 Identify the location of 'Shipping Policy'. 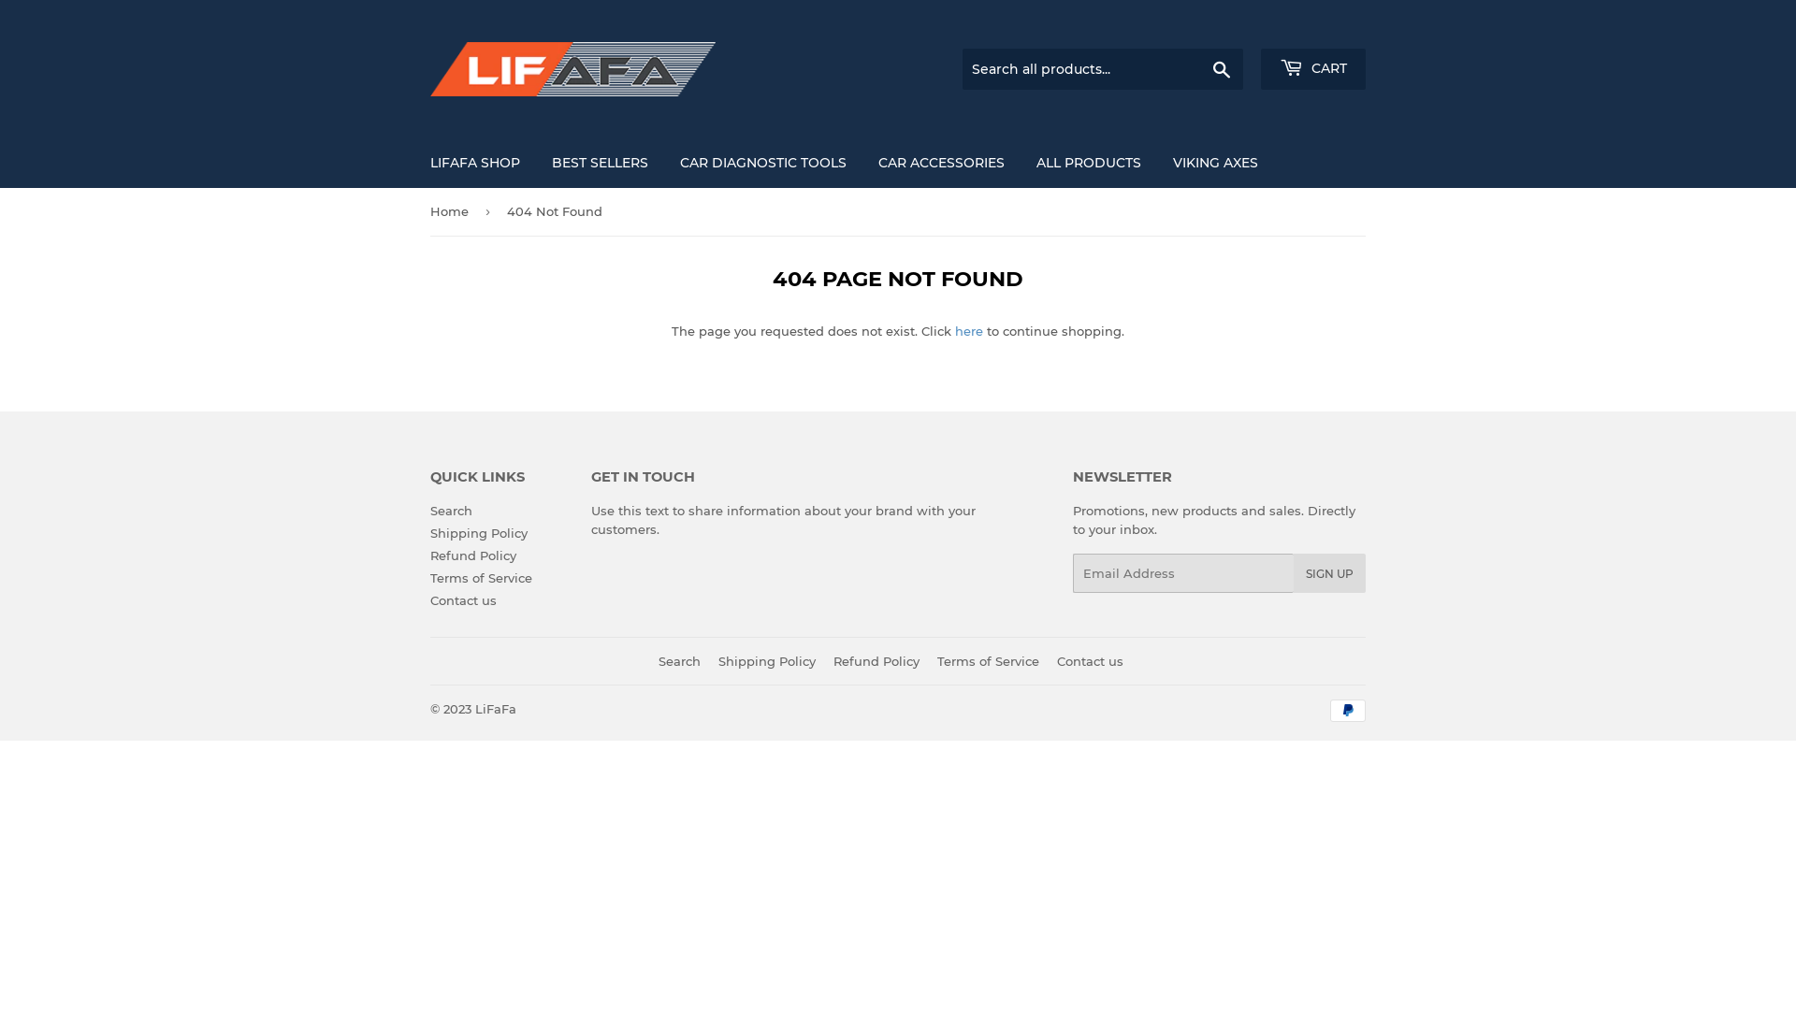
(479, 533).